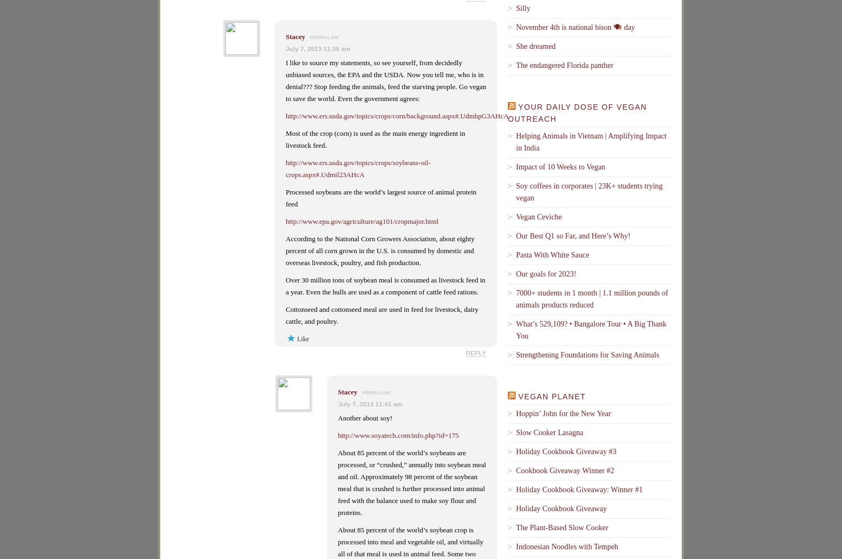 This screenshot has height=559, width=842. Describe the element at coordinates (386, 80) in the screenshot. I see `'I like to source my statements, so see yourself, from decidedly unbiased sources, the EPA and the USDA.  Now you tell me, who is in denial???  Stop feeding the animals, feed the starving people.  Go vegan to save the world.  Even the government agrees:'` at that location.